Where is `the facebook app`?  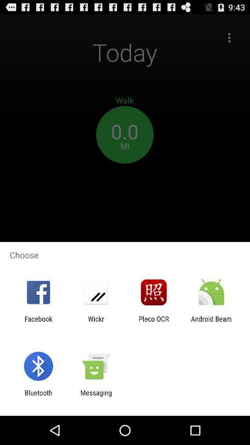 the facebook app is located at coordinates (38, 323).